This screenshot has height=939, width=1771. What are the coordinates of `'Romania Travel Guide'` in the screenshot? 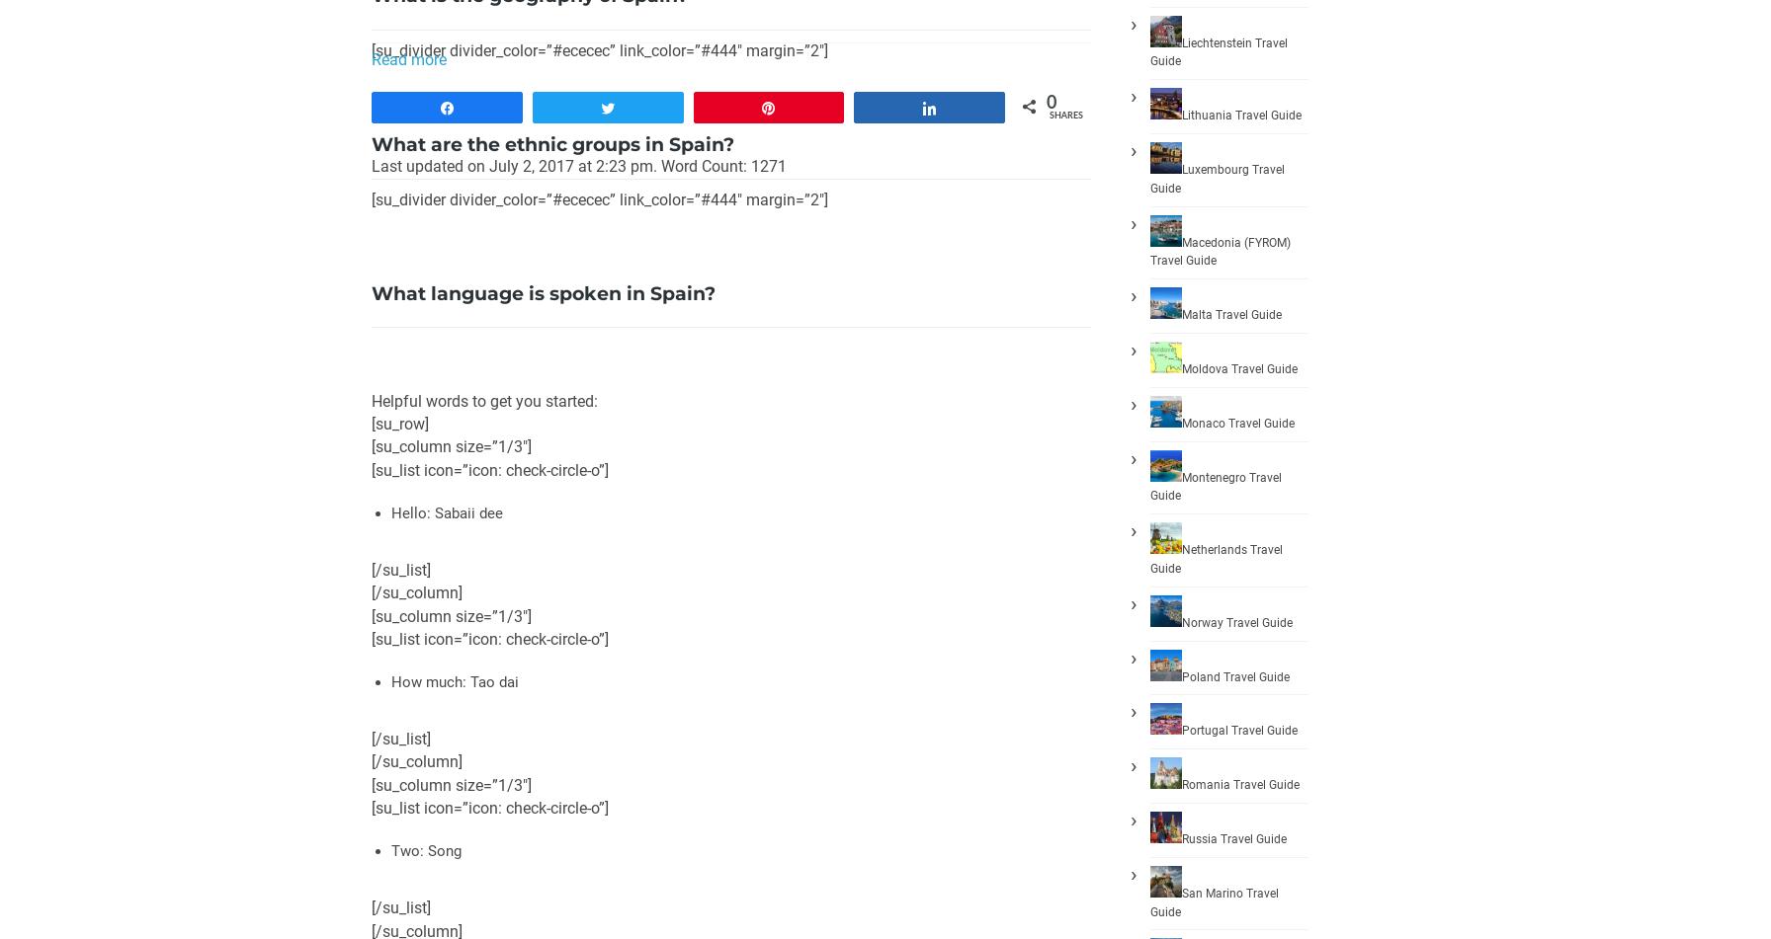 It's located at (1240, 783).